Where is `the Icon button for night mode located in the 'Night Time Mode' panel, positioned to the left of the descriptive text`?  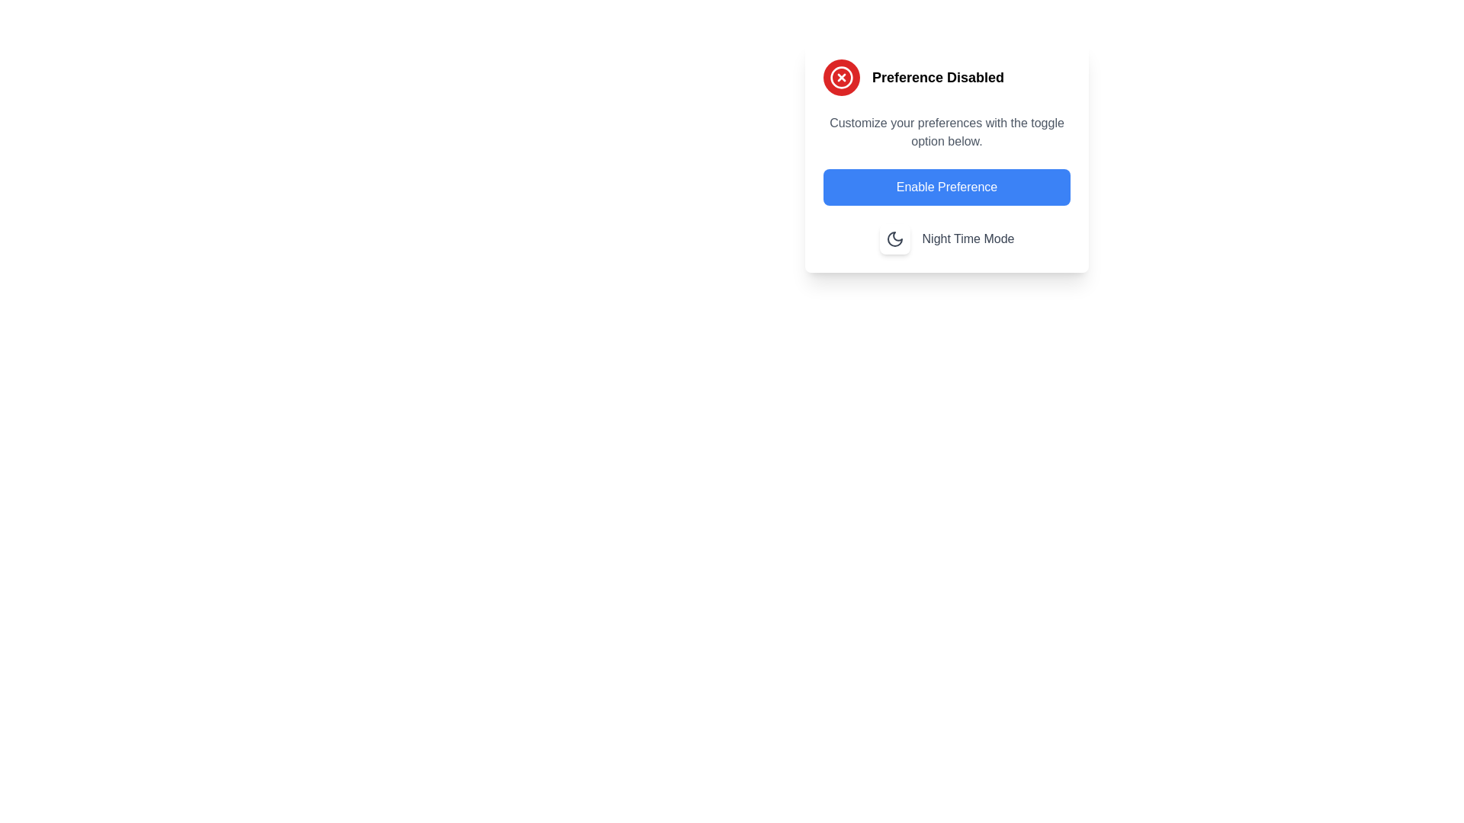
the Icon button for night mode located in the 'Night Time Mode' panel, positioned to the left of the descriptive text is located at coordinates (894, 239).